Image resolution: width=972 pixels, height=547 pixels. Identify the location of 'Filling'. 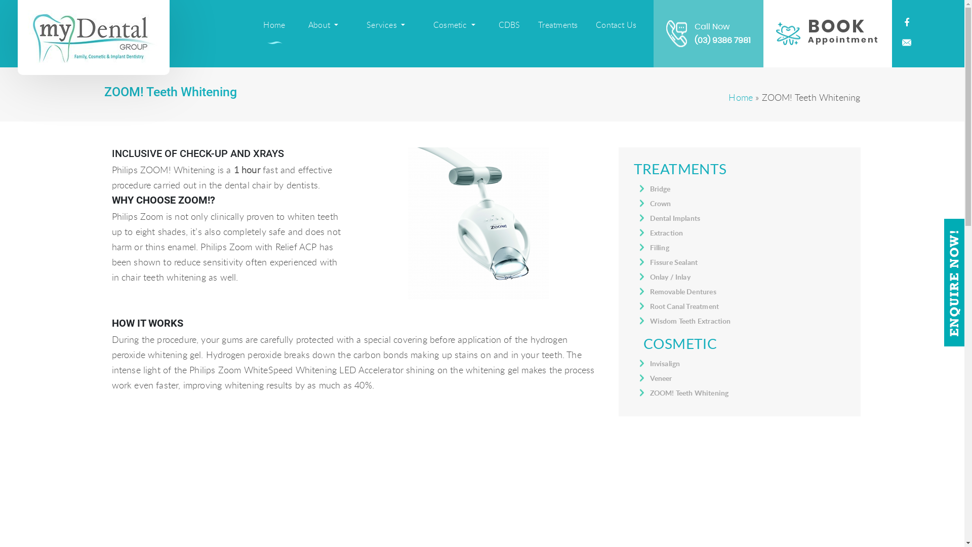
(659, 247).